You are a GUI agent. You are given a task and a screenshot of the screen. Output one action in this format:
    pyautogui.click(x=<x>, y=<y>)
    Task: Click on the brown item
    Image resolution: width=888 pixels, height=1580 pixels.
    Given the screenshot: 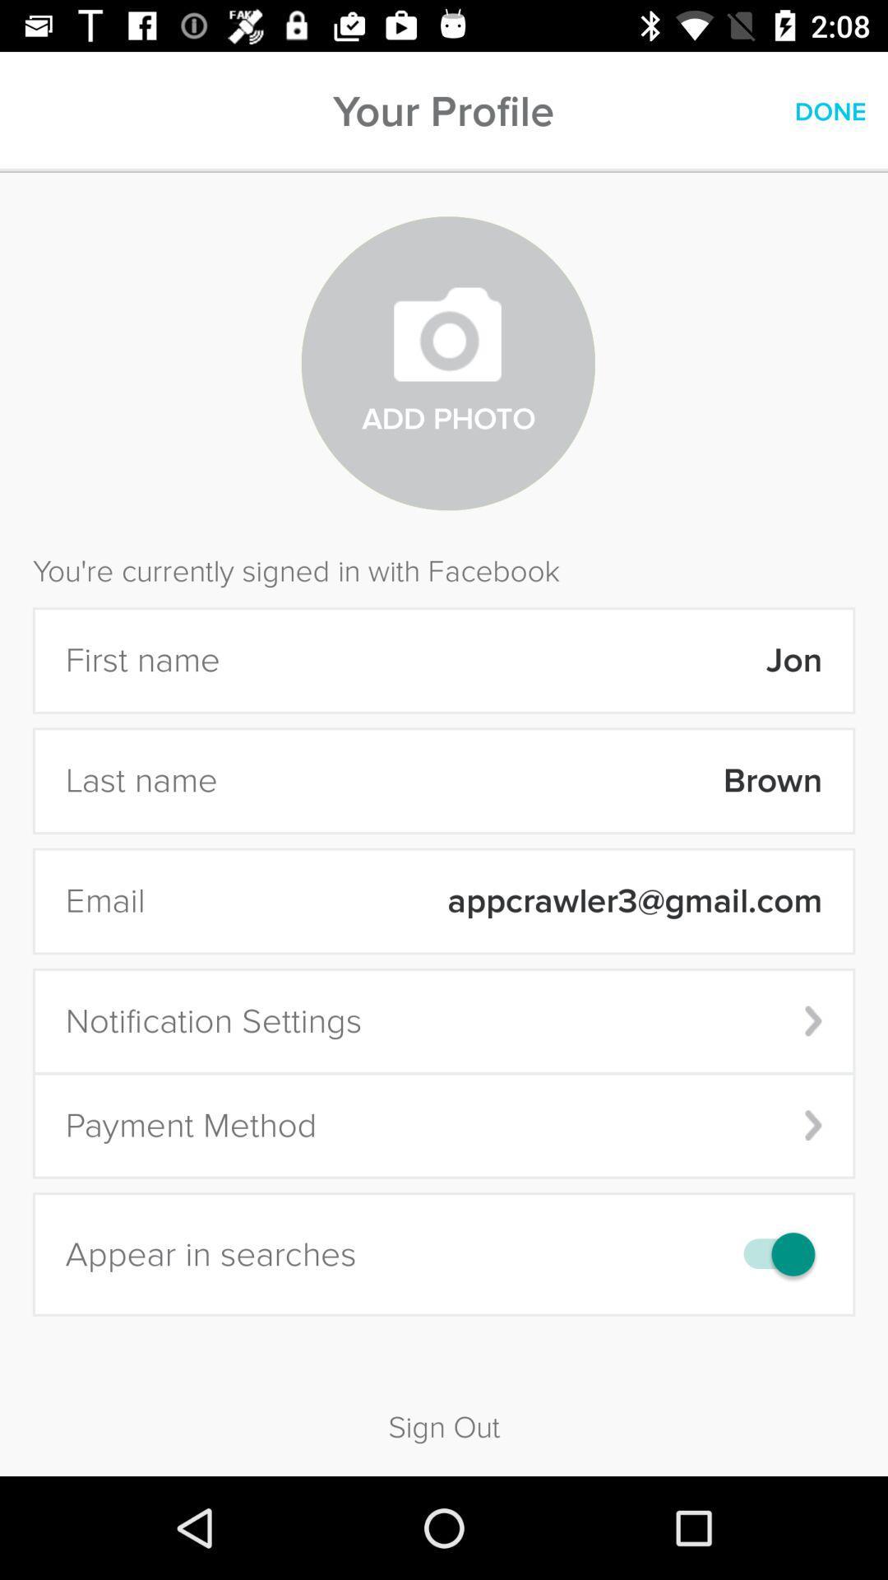 What is the action you would take?
    pyautogui.click(x=530, y=780)
    